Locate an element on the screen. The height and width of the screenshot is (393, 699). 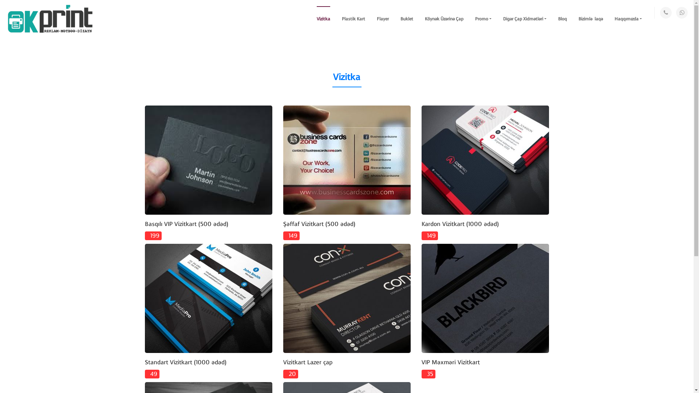
'Bloq' is located at coordinates (562, 18).